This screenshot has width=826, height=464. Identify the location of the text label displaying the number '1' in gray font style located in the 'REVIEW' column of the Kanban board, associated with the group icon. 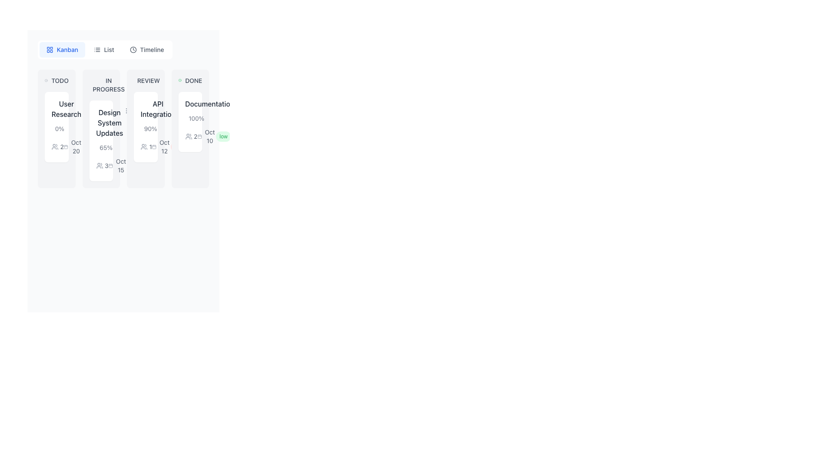
(151, 147).